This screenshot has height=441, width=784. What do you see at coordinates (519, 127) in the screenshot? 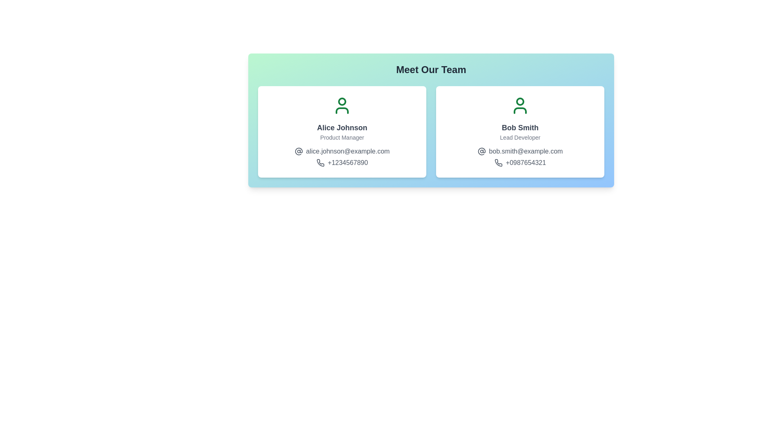
I see `name 'Bob Smith' displayed in bold font in the title section of the second profile card under the avatar icon and above the subtitle 'Lead Developer'` at bounding box center [519, 127].